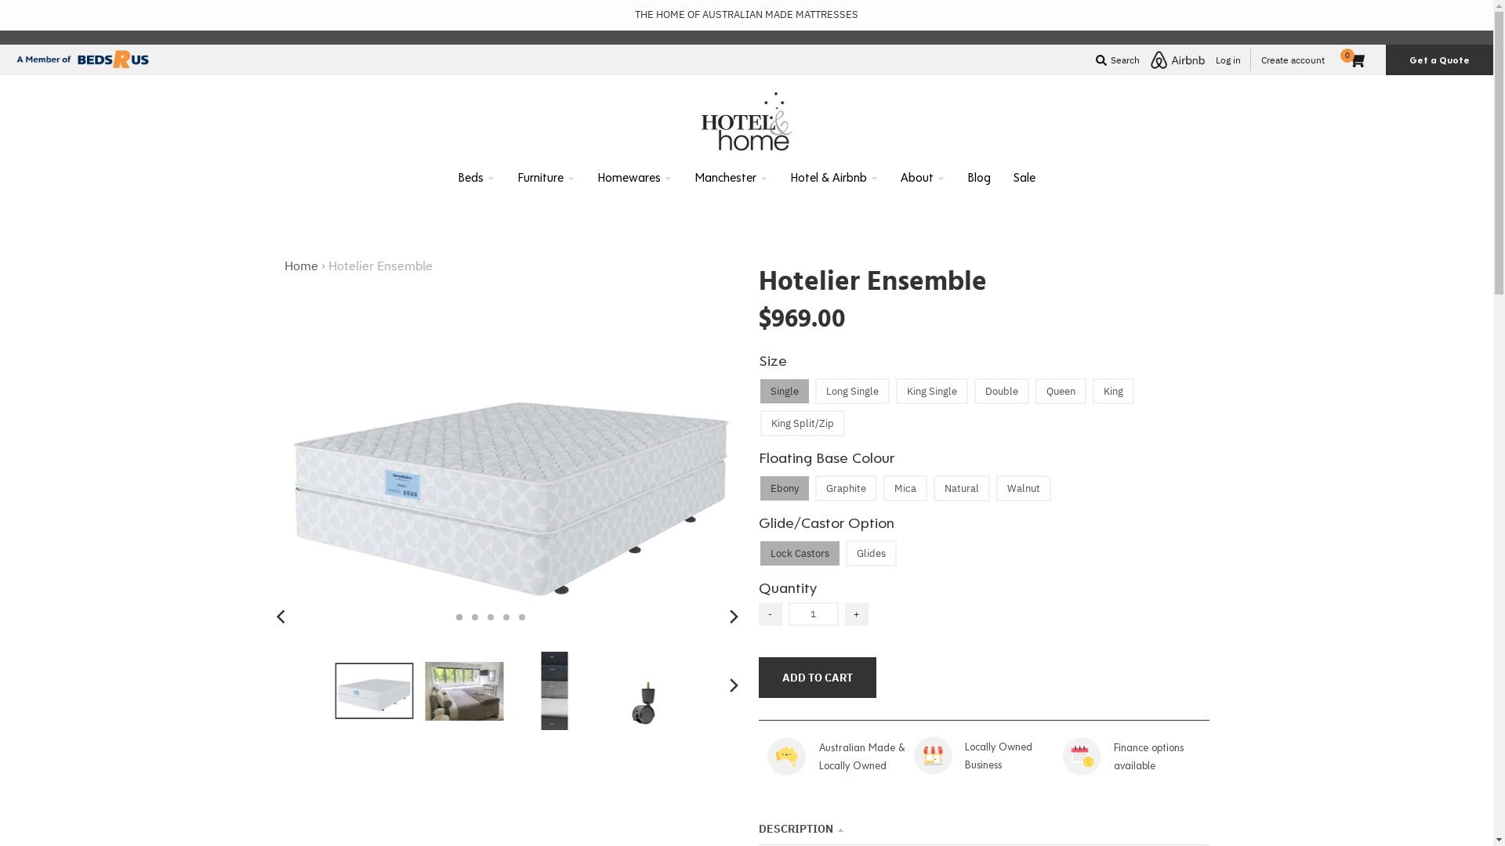 The width and height of the screenshot is (1505, 846). Describe the element at coordinates (856, 613) in the screenshot. I see `'+'` at that location.